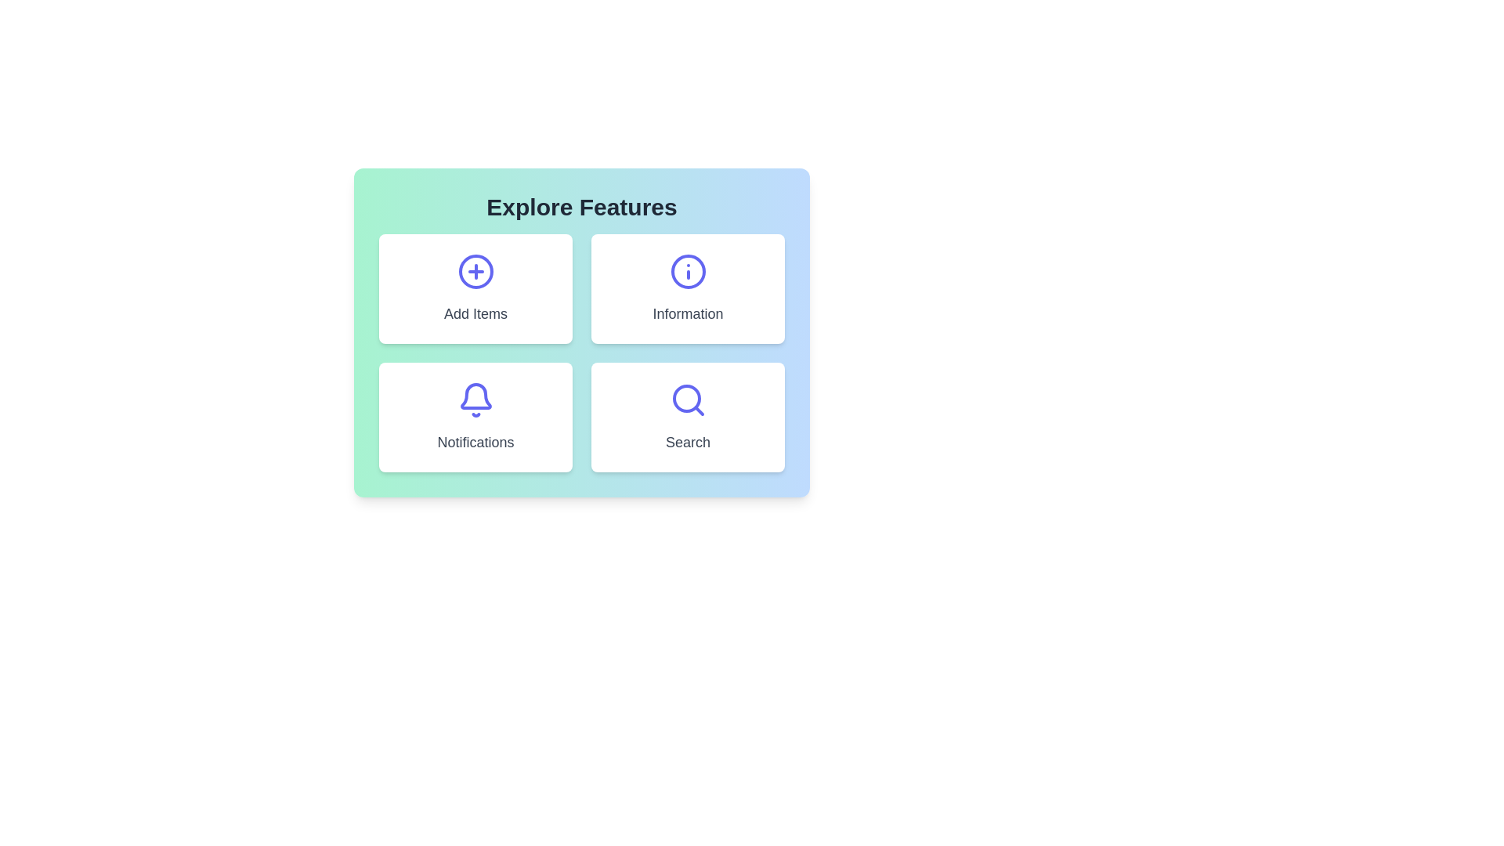 The height and width of the screenshot is (846, 1504). I want to click on the circular component of the Search icon, which visually represents the inner detail of the magnifying glass within a four-option grid layout, so click(686, 398).